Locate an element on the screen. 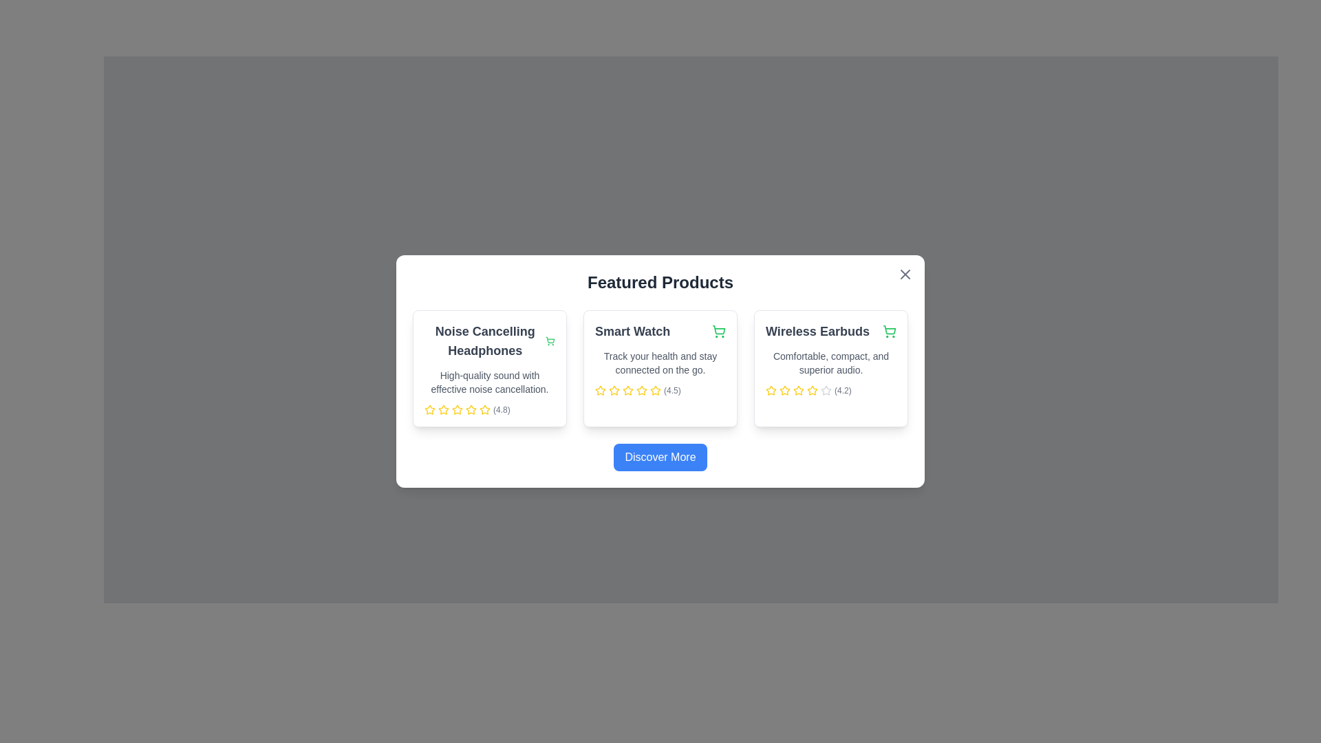 The image size is (1321, 743). the second star in the 5-star rating component beneath the 'Noise Cancelling Headphones' card to rate it is located at coordinates (485, 409).